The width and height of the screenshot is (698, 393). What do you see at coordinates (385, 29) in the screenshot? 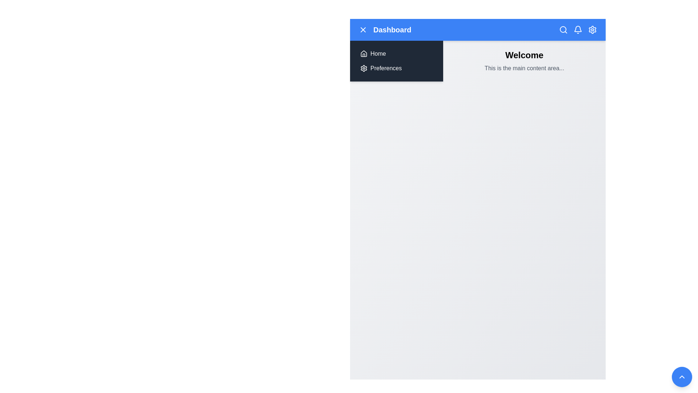
I see `the 'Dashboard' text label which is prominently displayed in white font on a blue background bar, located on the left side of the navigation bar at the top of the interface` at bounding box center [385, 29].